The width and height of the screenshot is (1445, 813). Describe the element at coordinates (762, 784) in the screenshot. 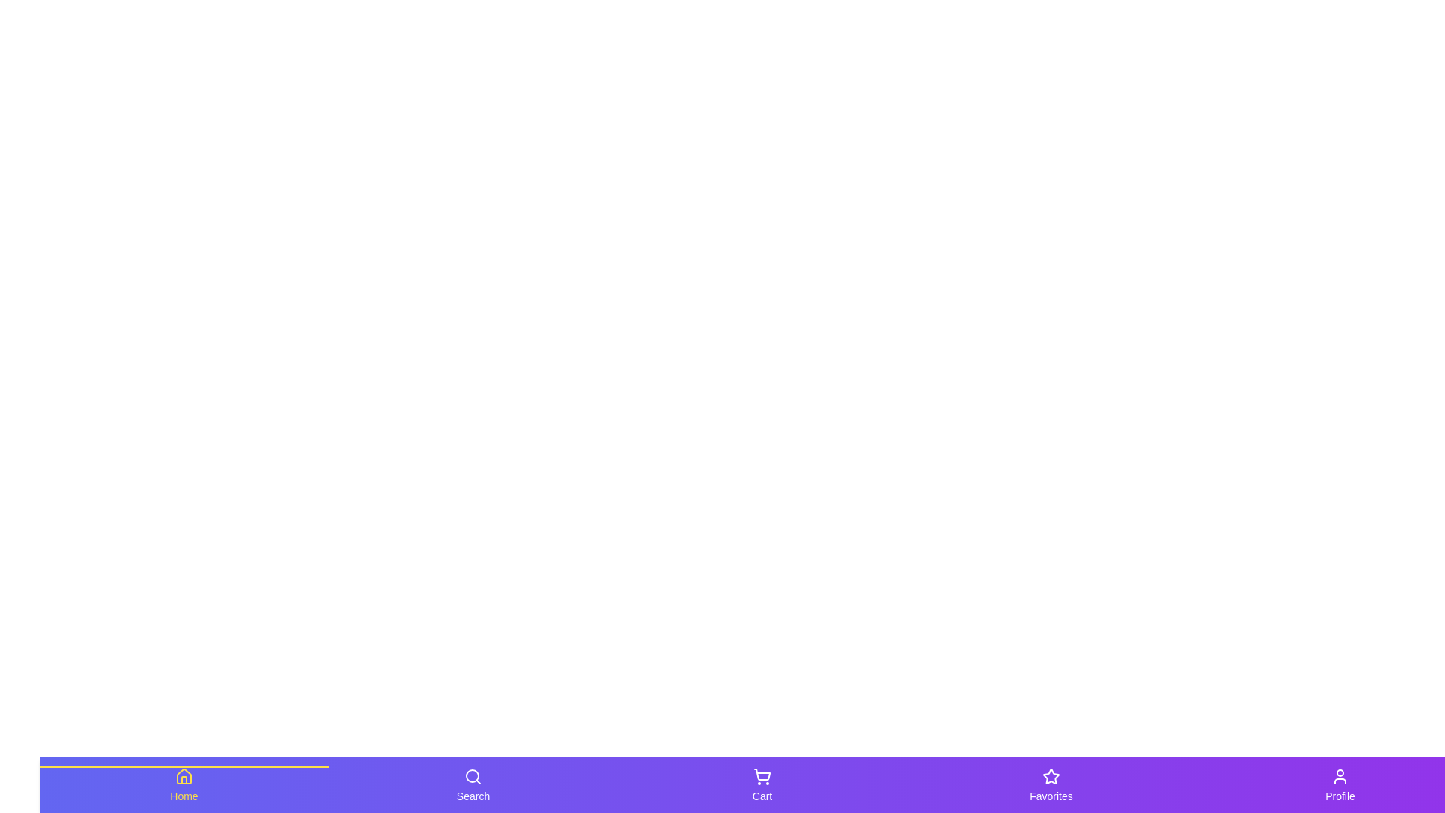

I see `the navigation tab labeled Cart` at that location.